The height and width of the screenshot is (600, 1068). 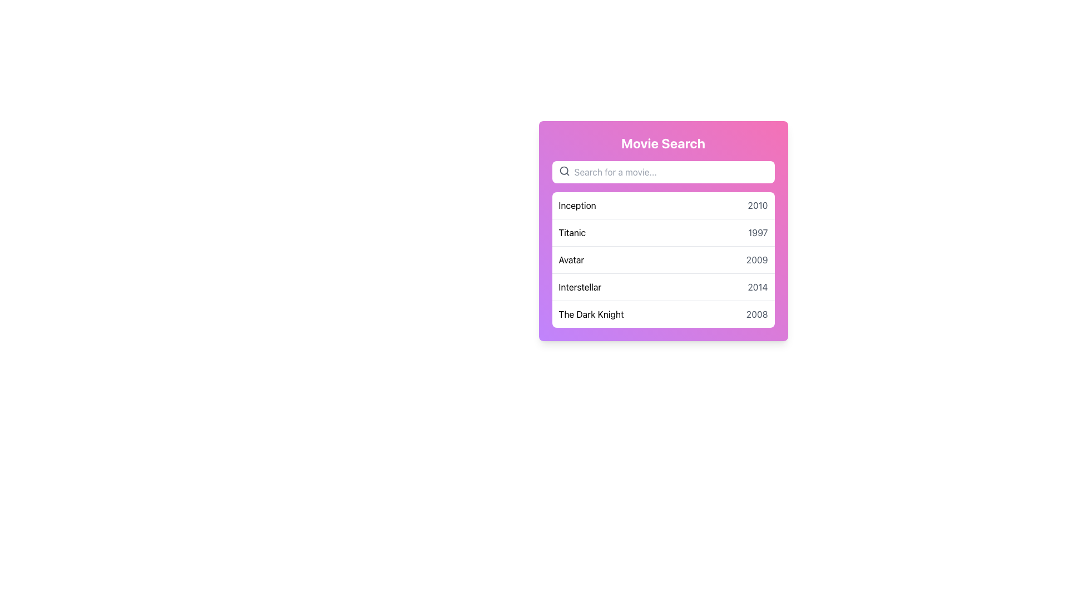 What do you see at coordinates (663, 231) in the screenshot?
I see `the second movie entry labeled 'Titanic' from the 'Movie Search' list` at bounding box center [663, 231].